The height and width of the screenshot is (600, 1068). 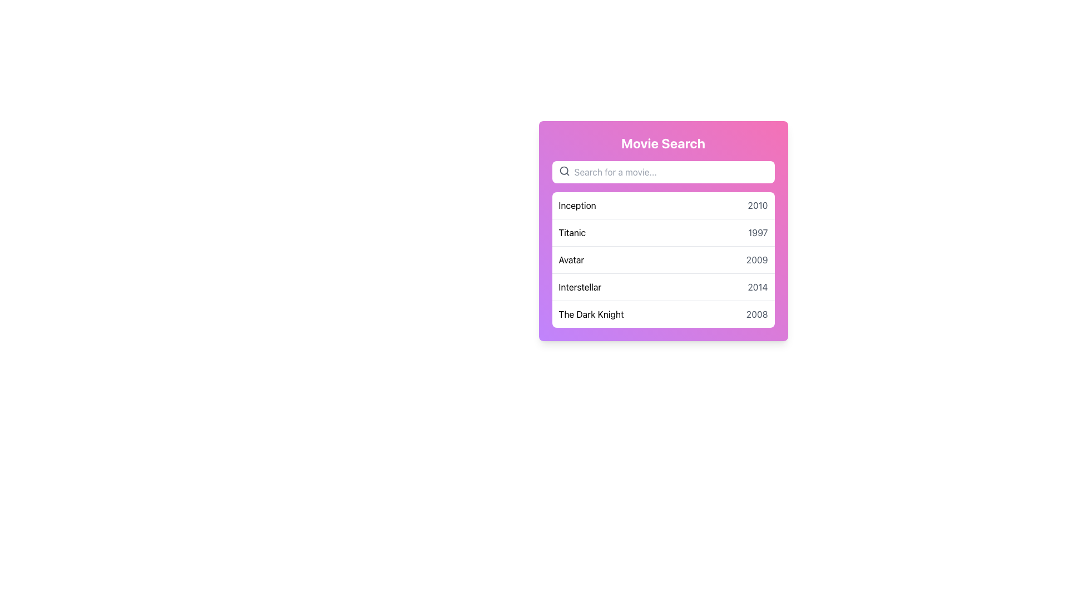 What do you see at coordinates (663, 231) in the screenshot?
I see `the second movie entry labeled 'Titanic' from the 'Movie Search' list` at bounding box center [663, 231].